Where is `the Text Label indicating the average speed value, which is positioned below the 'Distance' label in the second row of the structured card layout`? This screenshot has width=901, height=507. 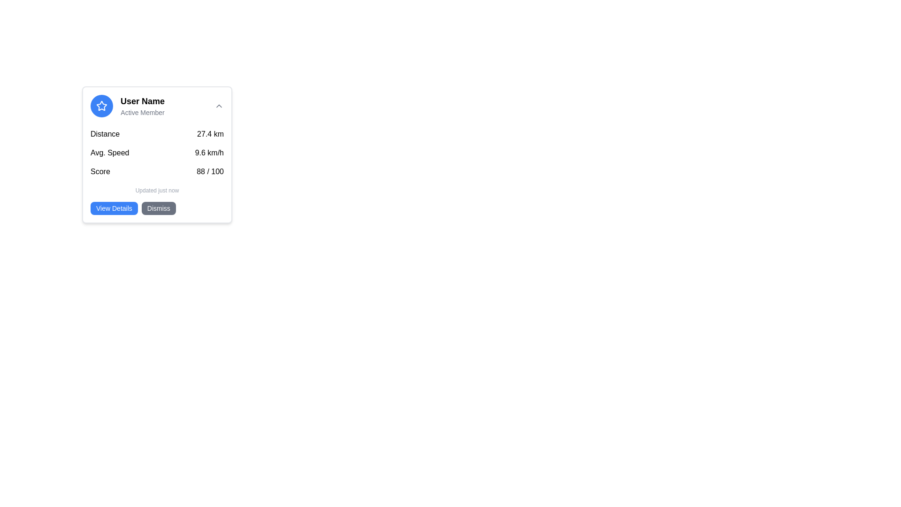
the Text Label indicating the average speed value, which is positioned below the 'Distance' label in the second row of the structured card layout is located at coordinates (110, 153).